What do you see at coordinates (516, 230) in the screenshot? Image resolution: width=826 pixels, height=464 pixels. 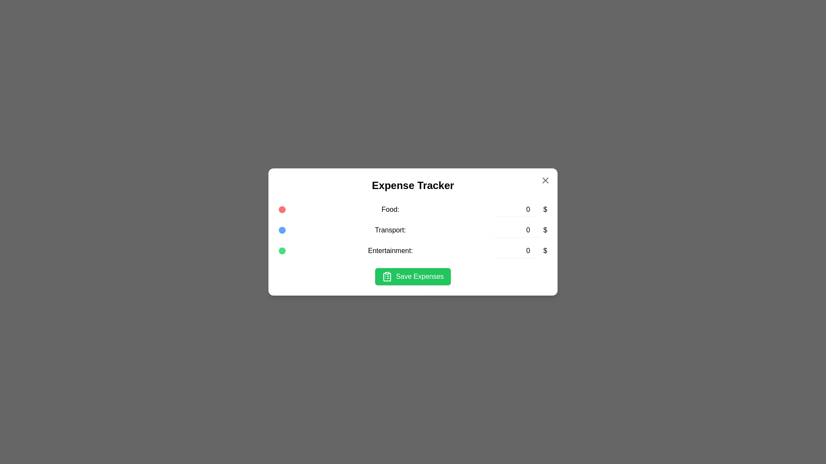 I see `the expense amount for the 'Transport' category to 7664` at bounding box center [516, 230].